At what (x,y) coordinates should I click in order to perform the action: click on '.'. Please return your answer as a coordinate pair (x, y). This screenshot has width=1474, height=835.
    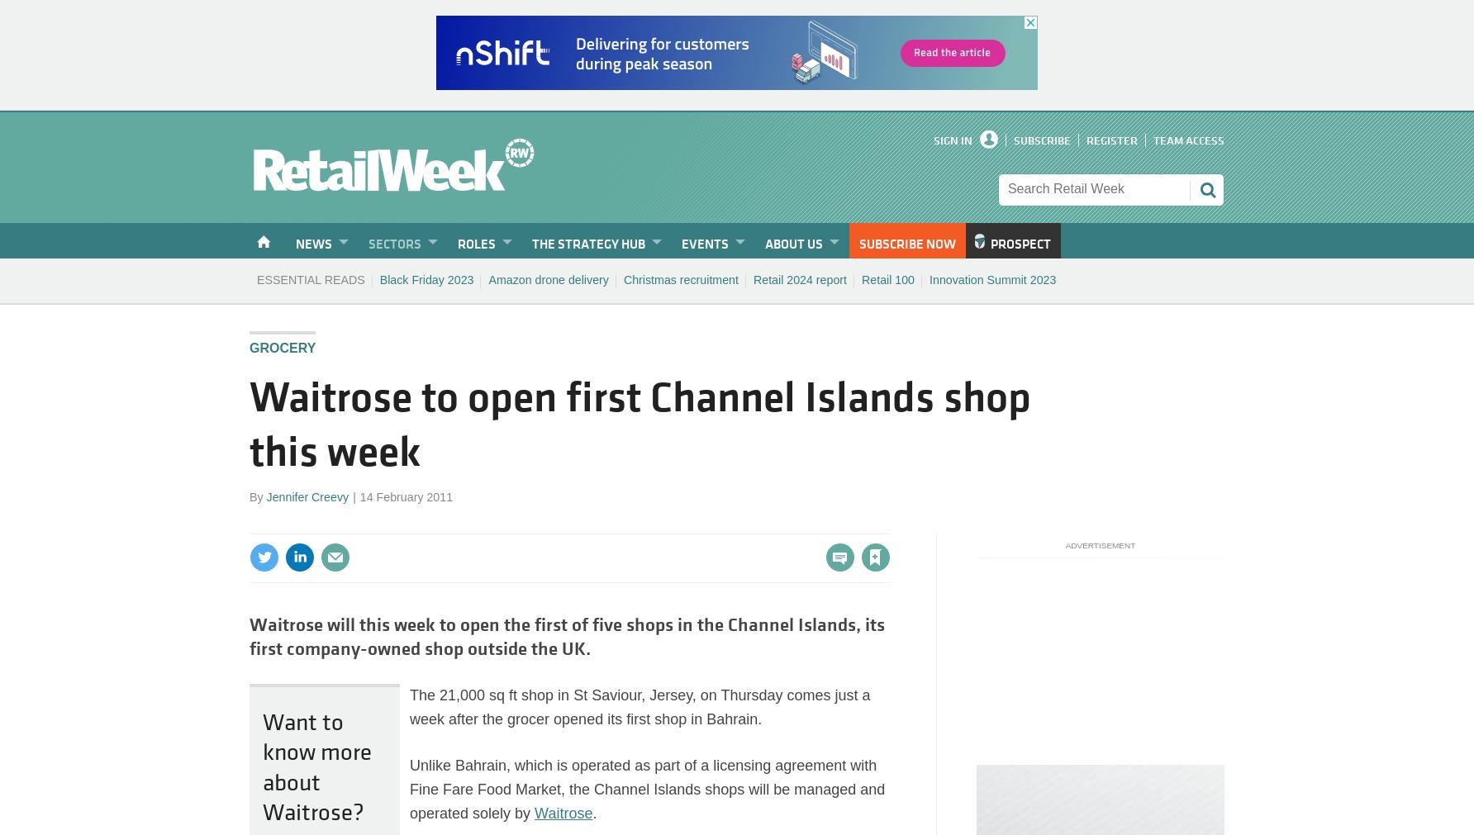
    Looking at the image, I should click on (594, 814).